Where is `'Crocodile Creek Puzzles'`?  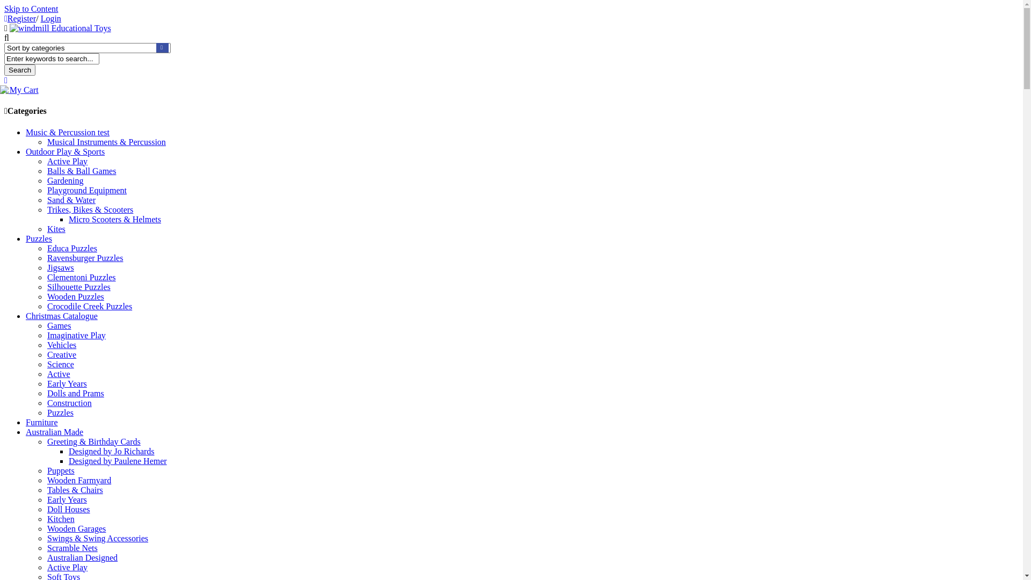 'Crocodile Creek Puzzles' is located at coordinates (90, 306).